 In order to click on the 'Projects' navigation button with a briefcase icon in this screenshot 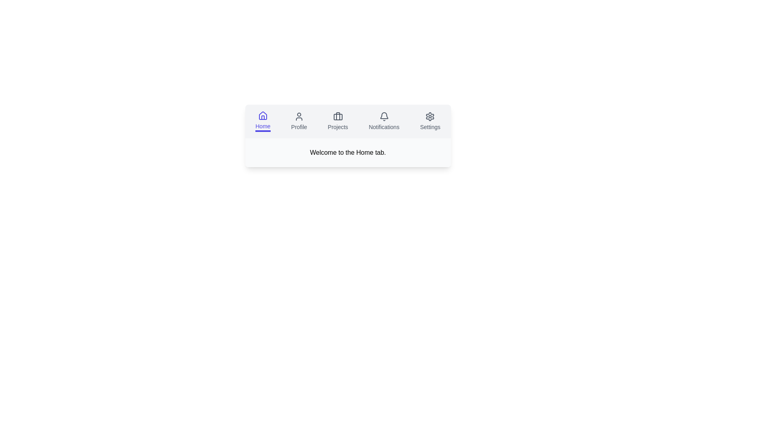, I will do `click(338, 121)`.